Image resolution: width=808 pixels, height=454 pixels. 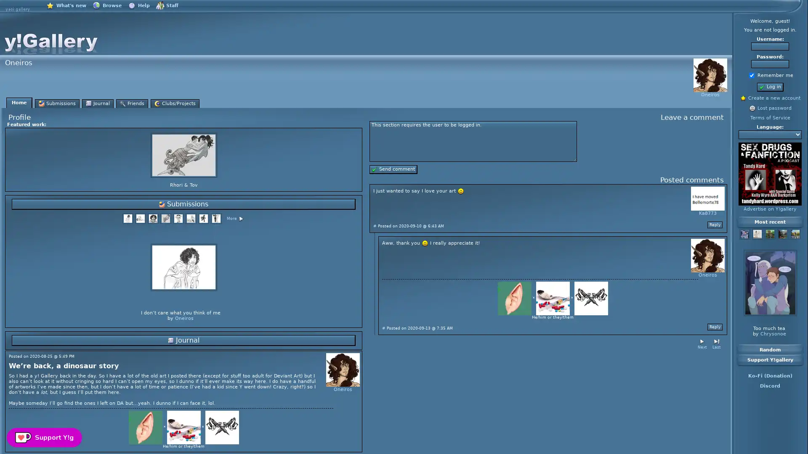 I want to click on Send comment, so click(x=393, y=169).